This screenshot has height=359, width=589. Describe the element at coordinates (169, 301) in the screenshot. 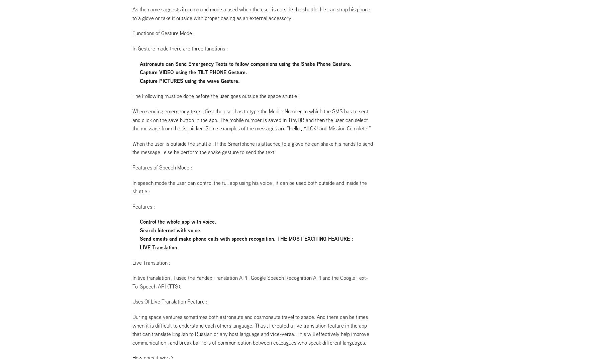

I see `'Uses Of Live Translation Feature :'` at that location.